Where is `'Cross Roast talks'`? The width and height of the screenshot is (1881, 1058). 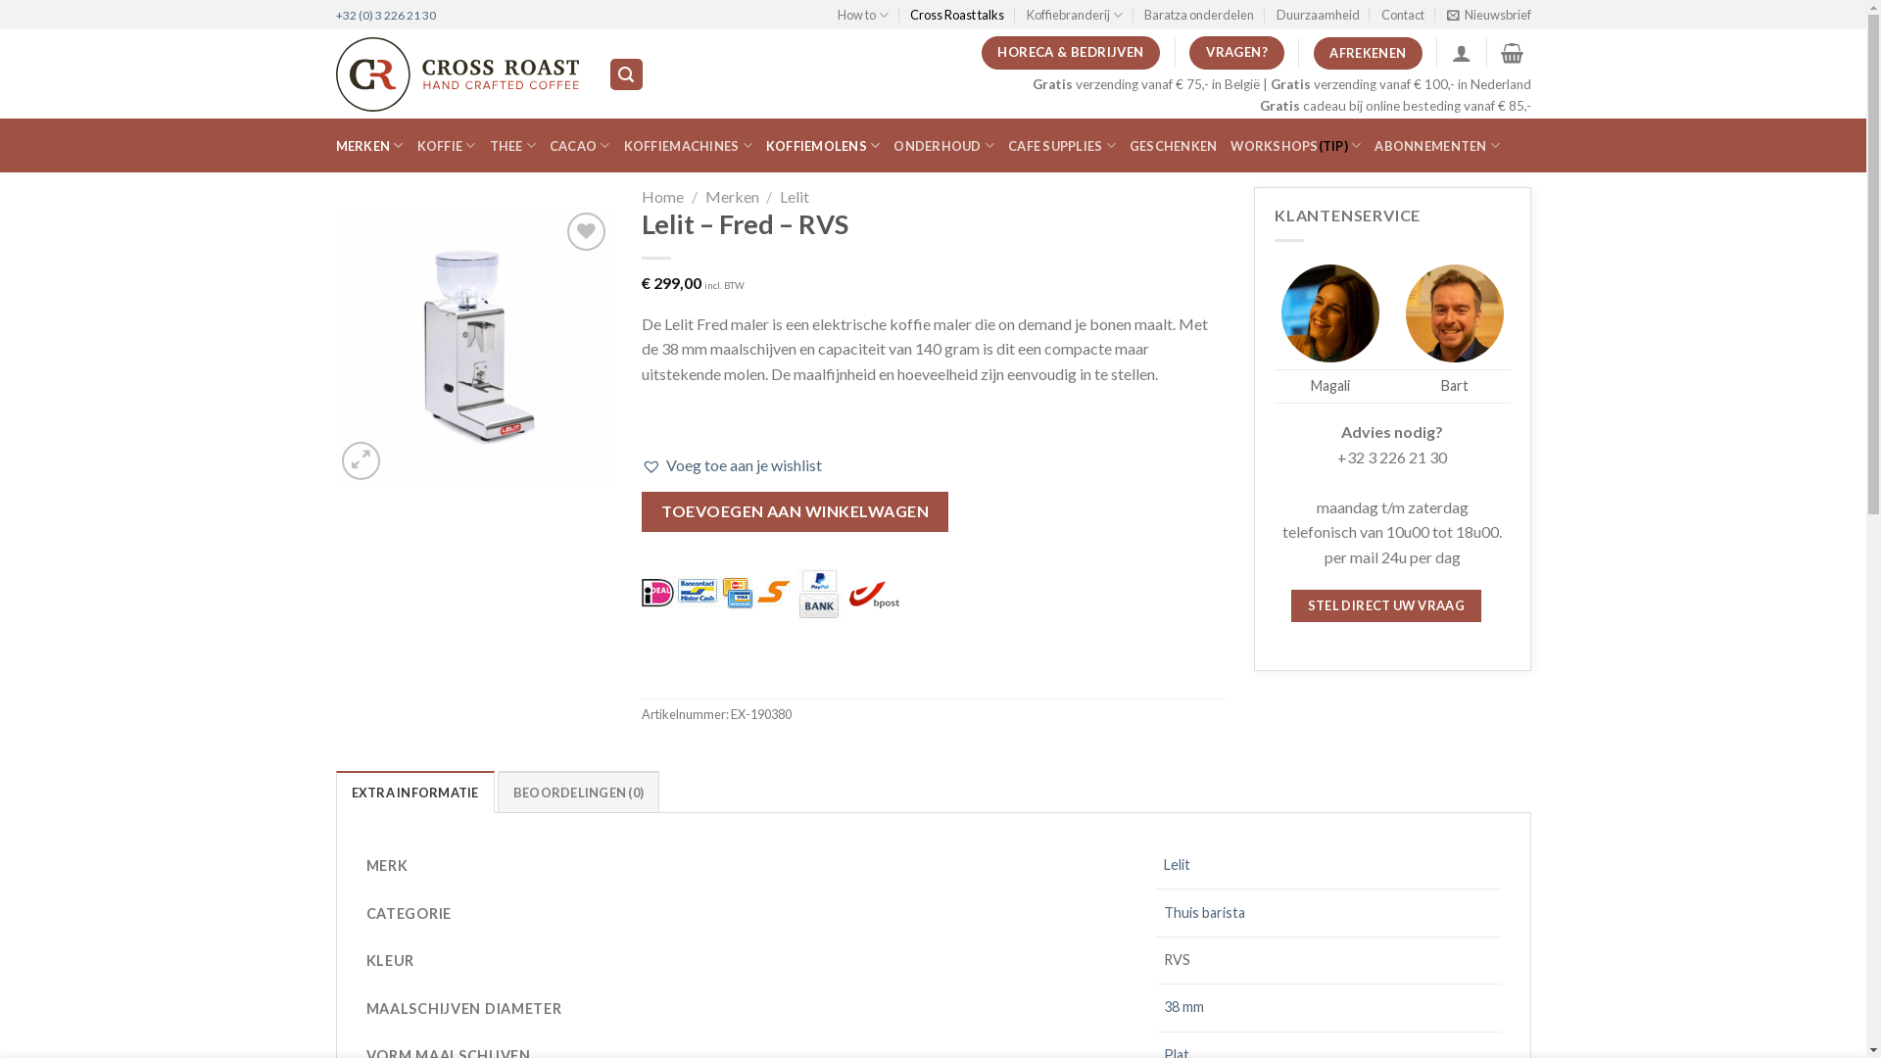
'Cross Roast talks' is located at coordinates (909, 15).